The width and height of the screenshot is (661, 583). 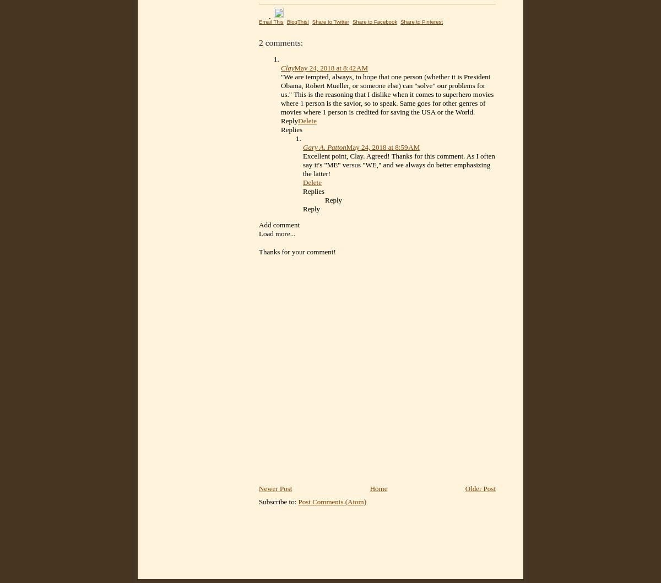 What do you see at coordinates (375, 21) in the screenshot?
I see `'Share to Facebook'` at bounding box center [375, 21].